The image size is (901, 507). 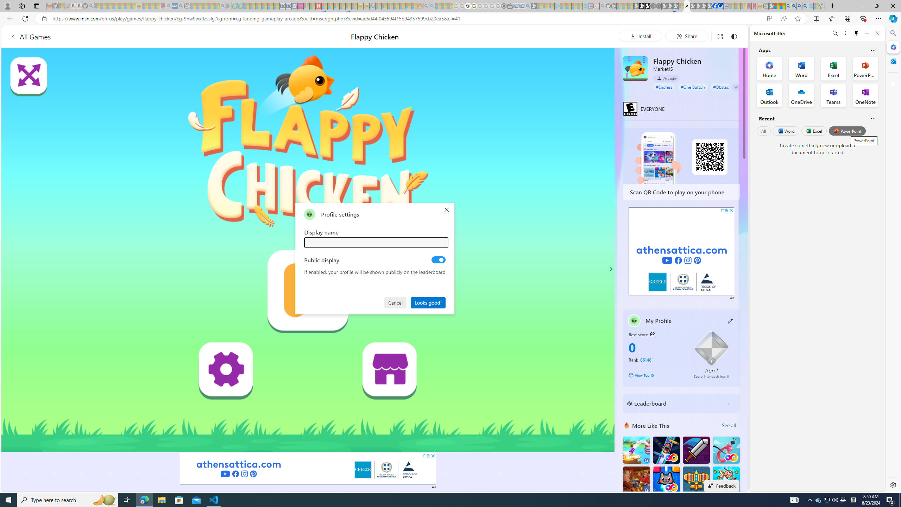 What do you see at coordinates (856, 33) in the screenshot?
I see `'Unpin side pane'` at bounding box center [856, 33].